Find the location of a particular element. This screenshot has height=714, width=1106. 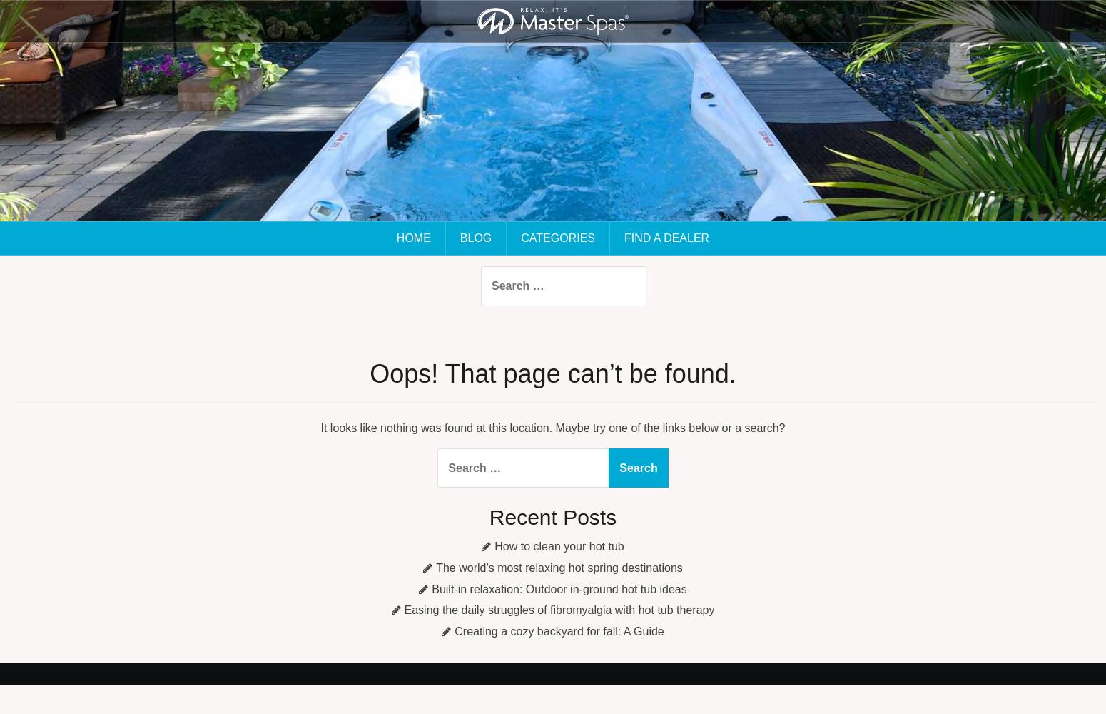

'It looks like nothing was found at this location. Maybe try one of the links below or a search?' is located at coordinates (552, 427).